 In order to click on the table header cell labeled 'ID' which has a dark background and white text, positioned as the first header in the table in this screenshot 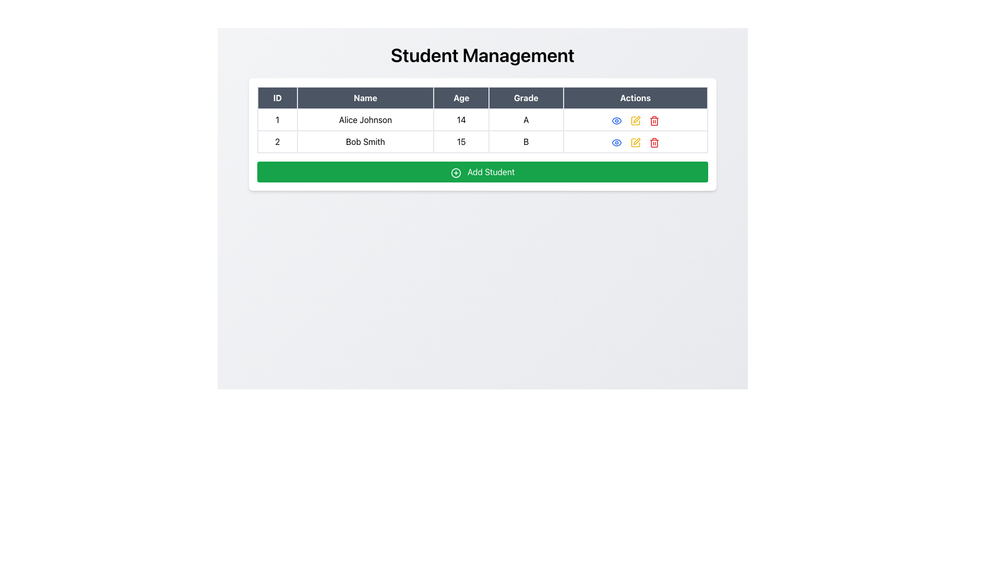, I will do `click(277, 98)`.